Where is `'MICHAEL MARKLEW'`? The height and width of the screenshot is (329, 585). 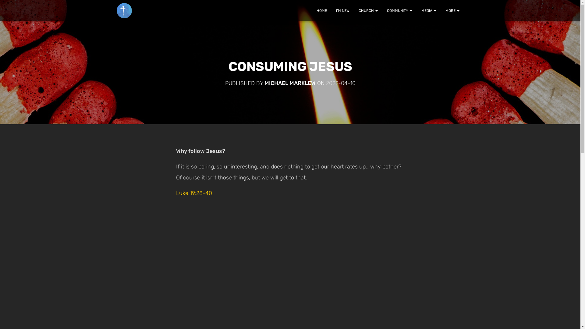 'MICHAEL MARKLEW' is located at coordinates (289, 83).